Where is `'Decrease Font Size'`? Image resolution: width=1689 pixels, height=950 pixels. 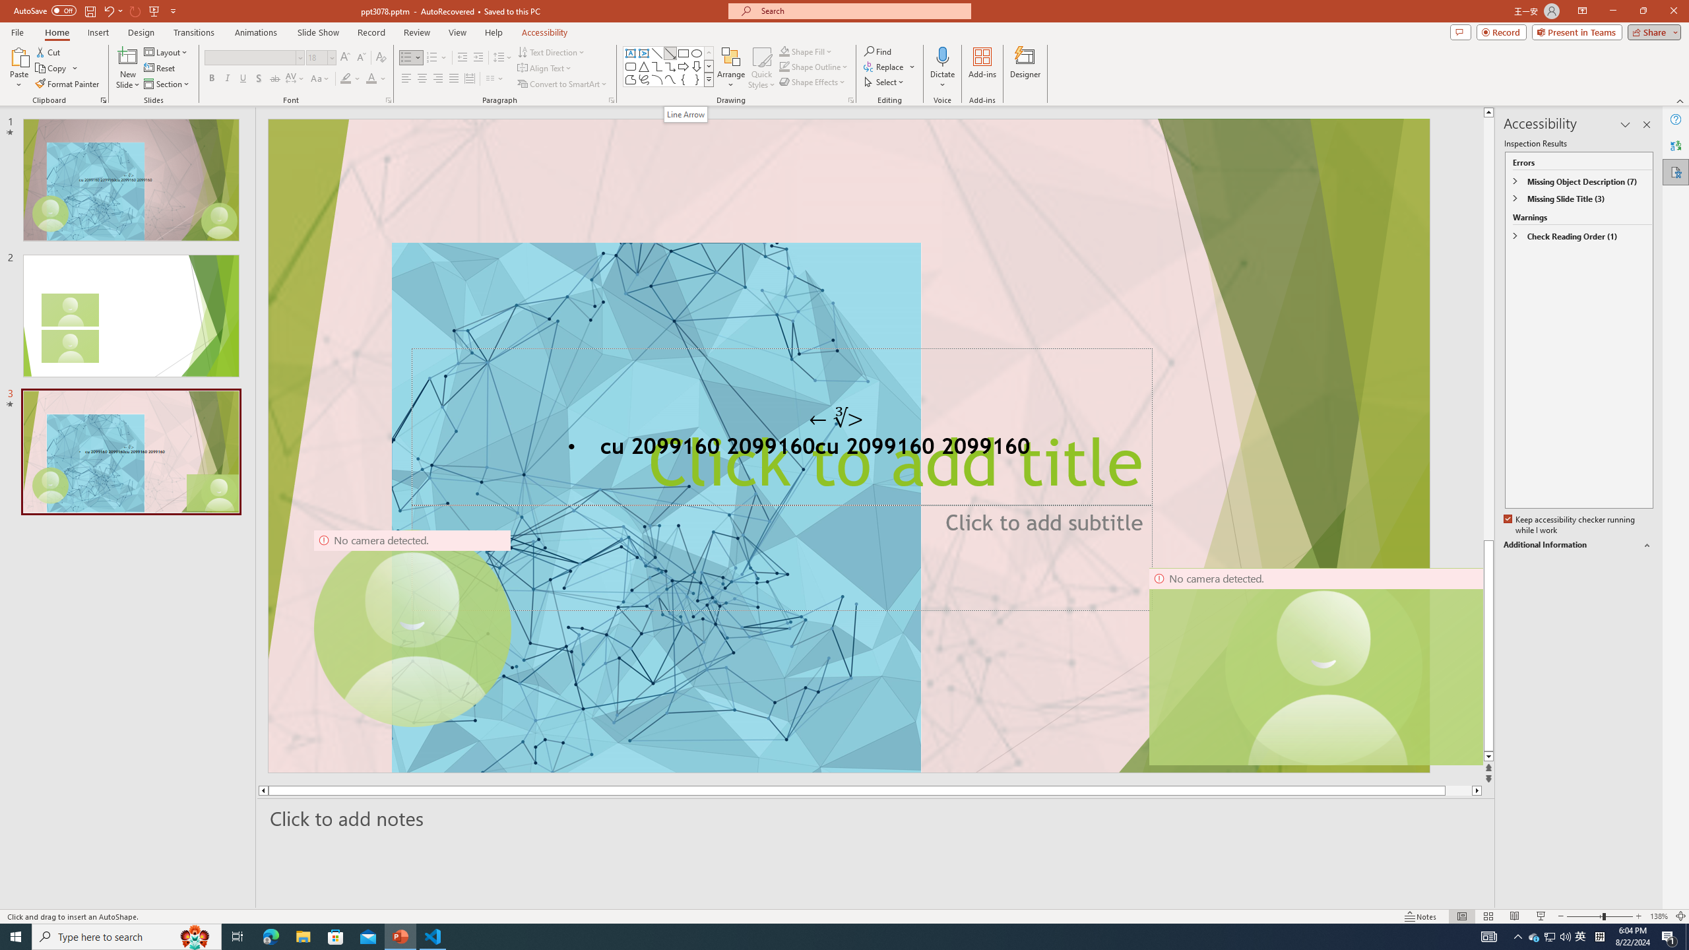
'Decrease Font Size' is located at coordinates (360, 57).